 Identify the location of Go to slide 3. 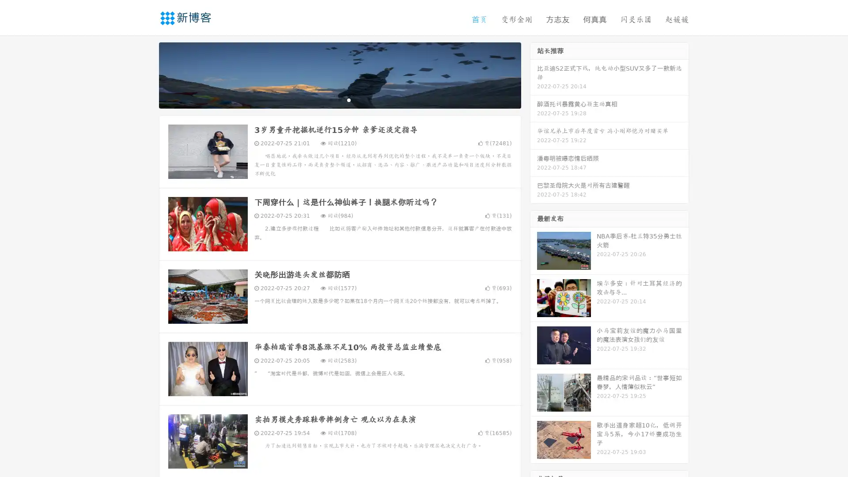
(348, 99).